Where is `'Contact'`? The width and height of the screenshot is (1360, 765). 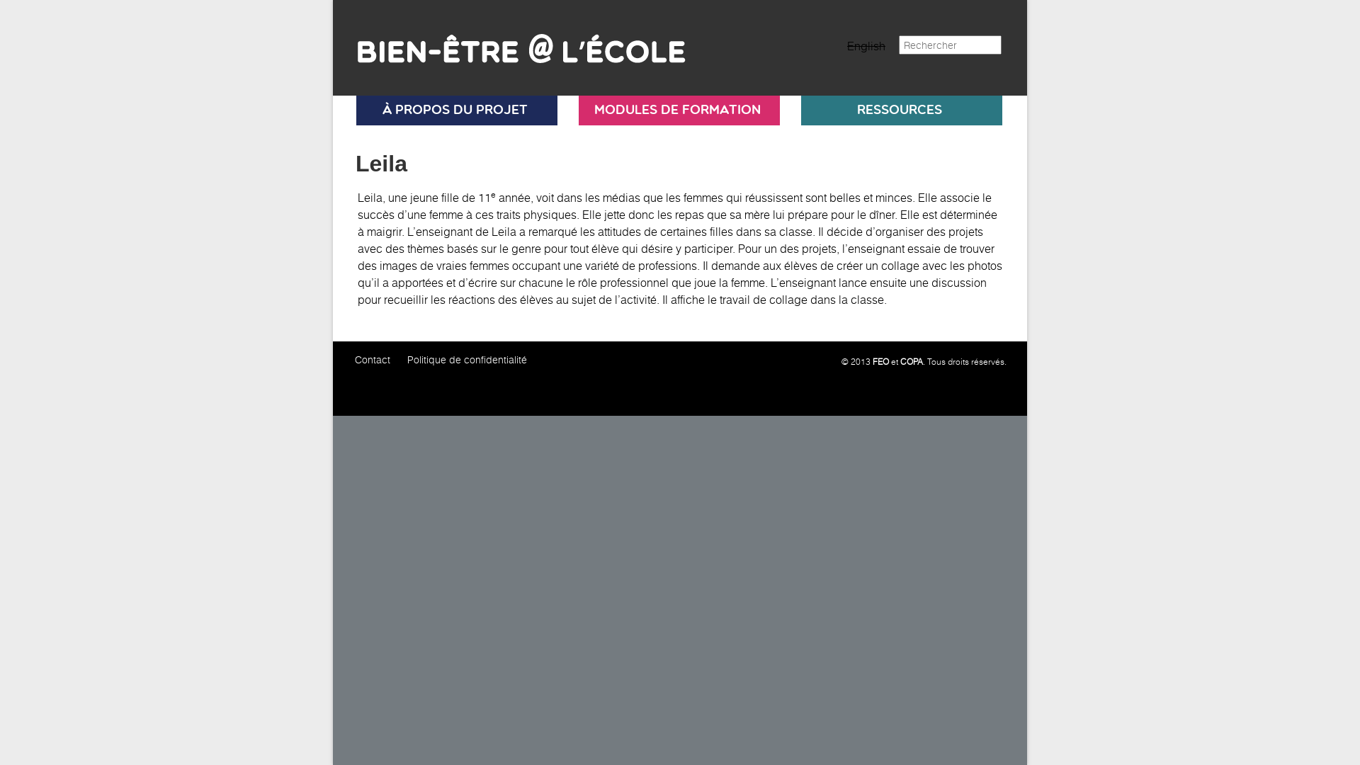
'Contact' is located at coordinates (373, 358).